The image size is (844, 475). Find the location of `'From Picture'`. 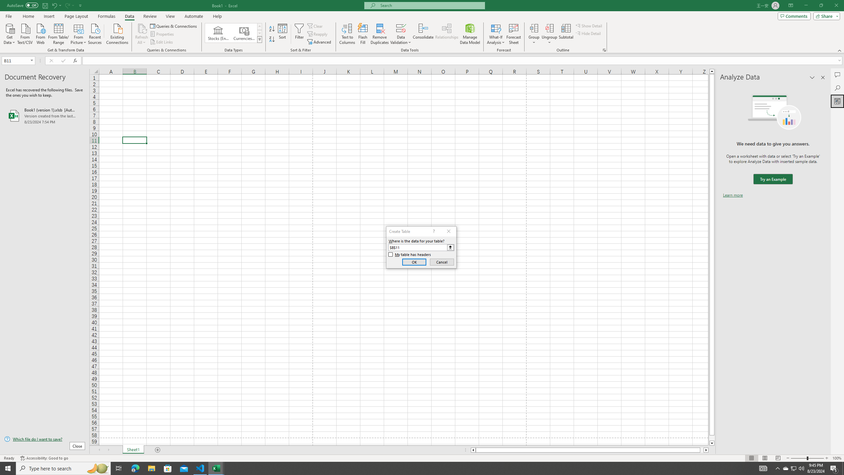

'From Picture' is located at coordinates (79, 33).